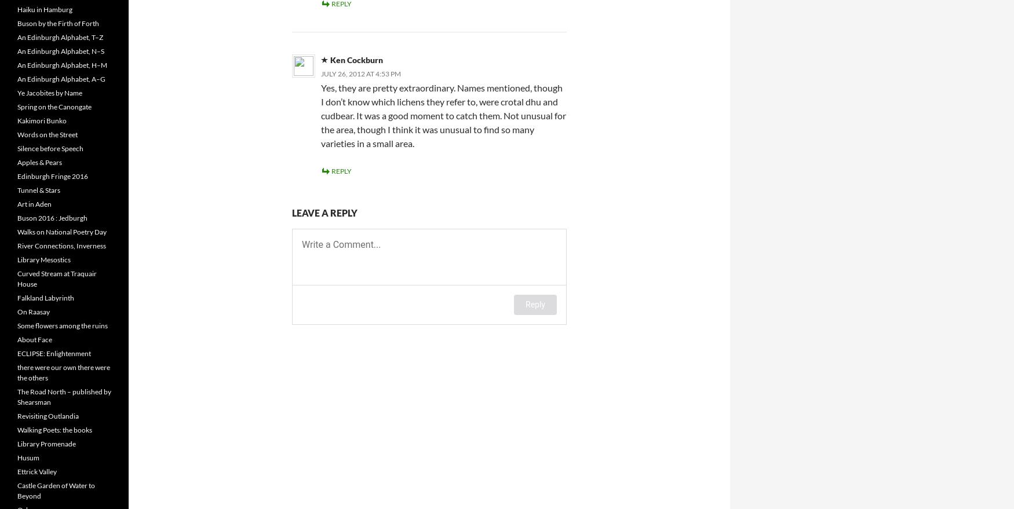  Describe the element at coordinates (45, 297) in the screenshot. I see `'Falkland Labyrinth'` at that location.